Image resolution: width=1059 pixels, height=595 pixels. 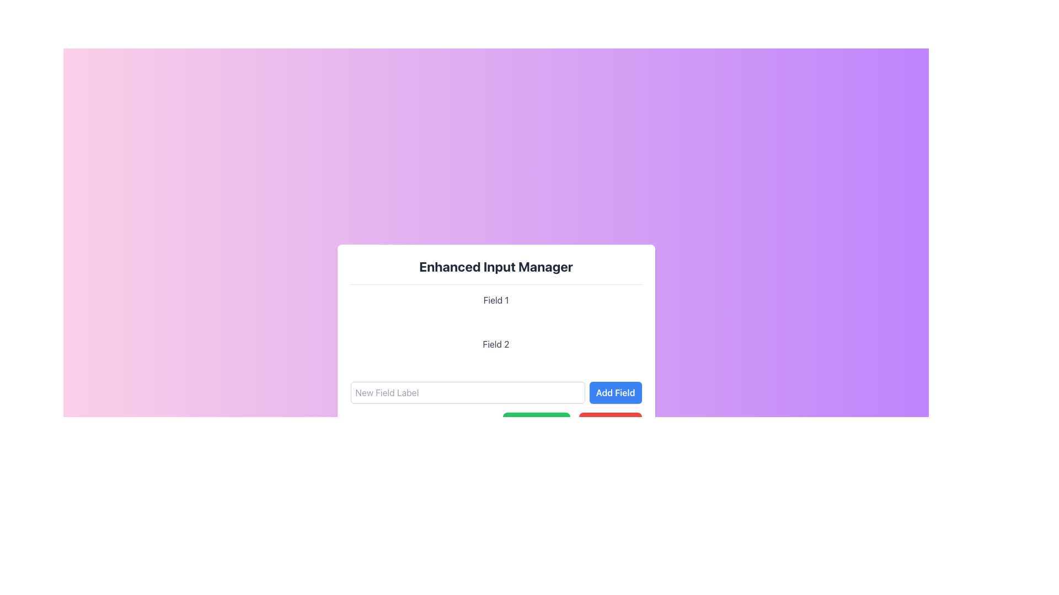 What do you see at coordinates (495, 300) in the screenshot?
I see `the text label displaying 'Field 1' which is styled in gray color and positioned at the top-center of the white card interface` at bounding box center [495, 300].